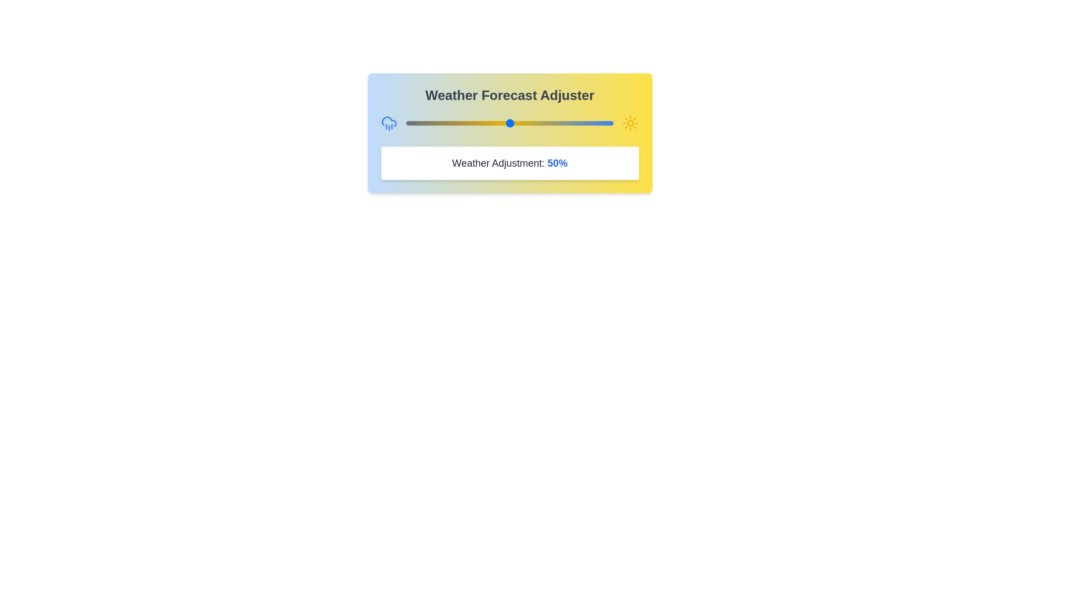 This screenshot has height=600, width=1067. What do you see at coordinates (389, 123) in the screenshot?
I see `the icon at the left of the slider` at bounding box center [389, 123].